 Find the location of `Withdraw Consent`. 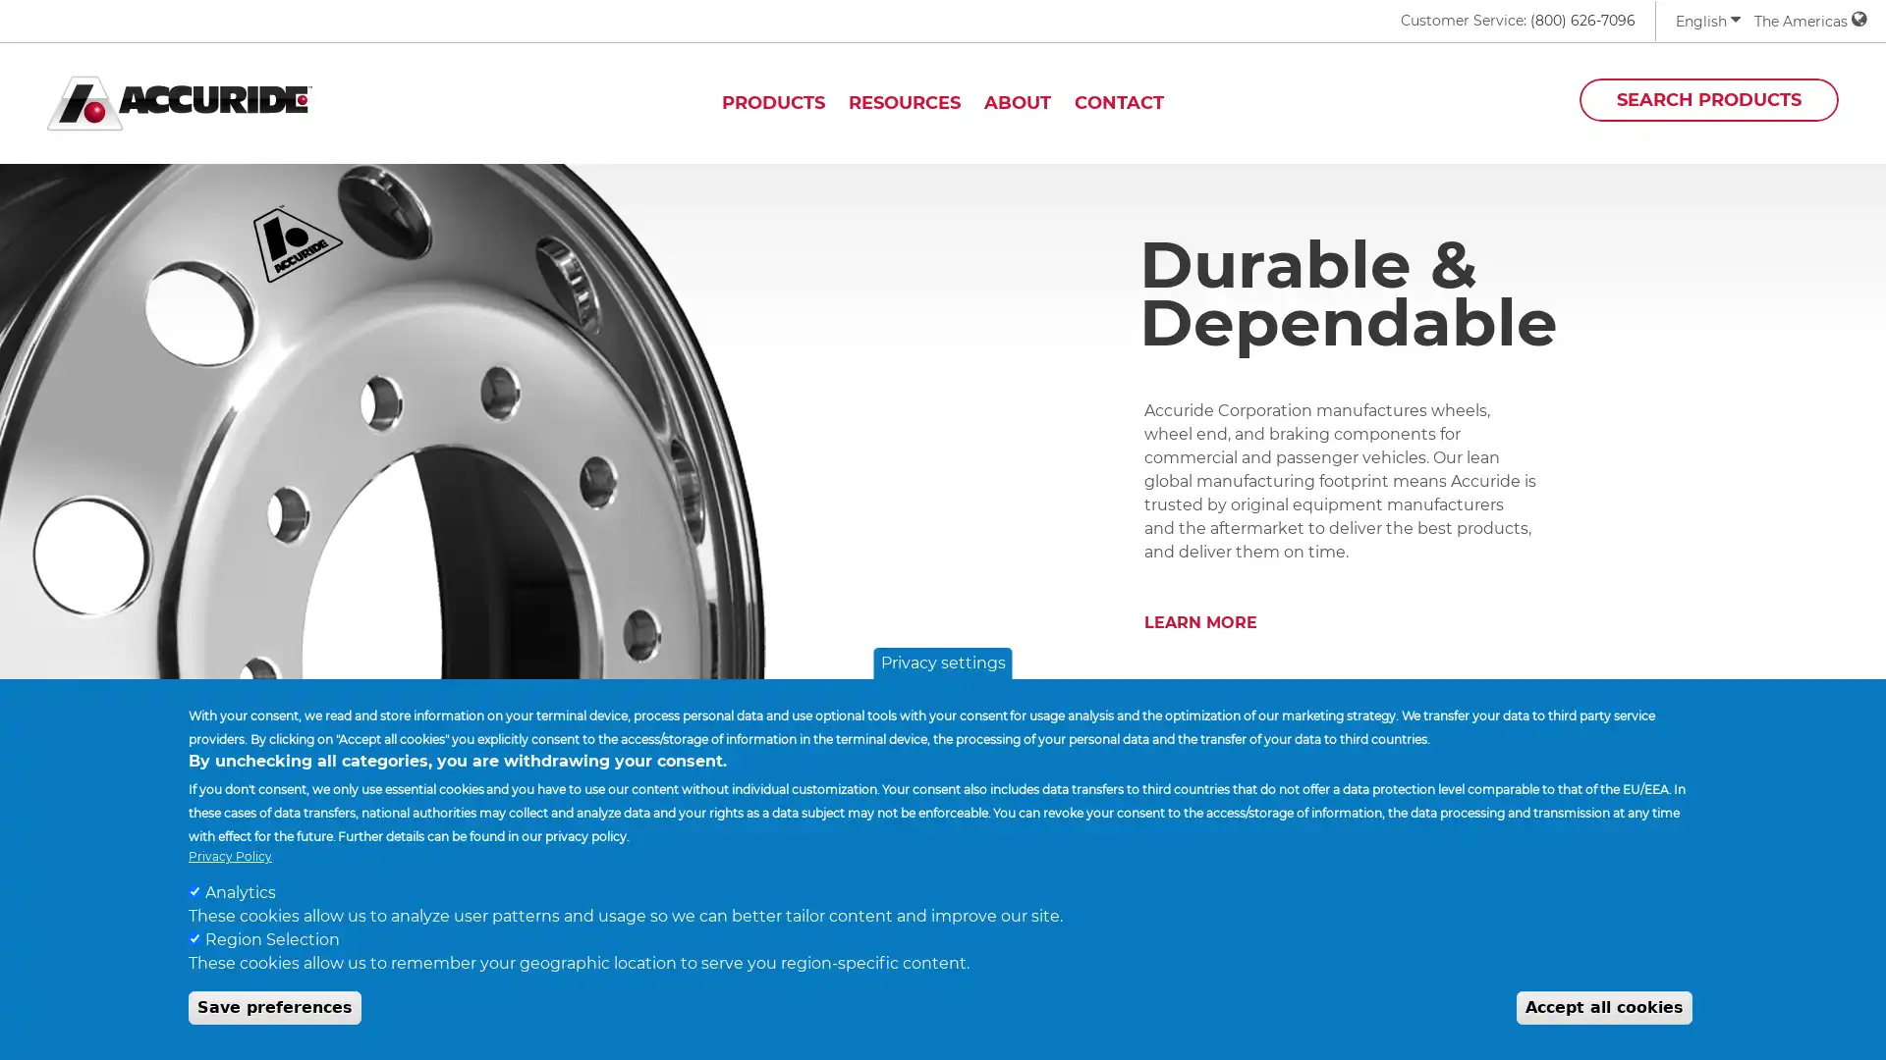

Withdraw Consent is located at coordinates (1705, 995).